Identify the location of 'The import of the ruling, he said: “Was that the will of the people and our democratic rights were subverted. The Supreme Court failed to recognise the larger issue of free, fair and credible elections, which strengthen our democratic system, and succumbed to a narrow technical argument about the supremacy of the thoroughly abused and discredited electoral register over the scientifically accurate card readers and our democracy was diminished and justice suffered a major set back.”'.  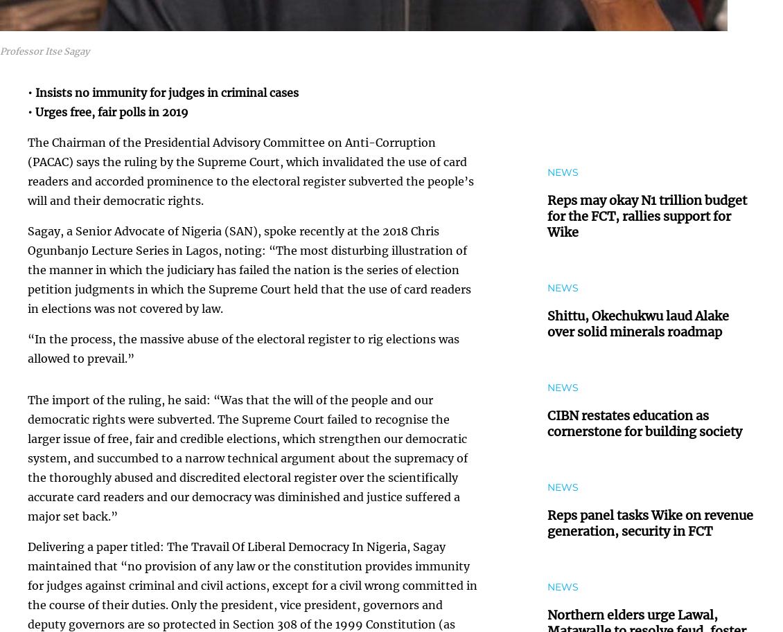
(247, 457).